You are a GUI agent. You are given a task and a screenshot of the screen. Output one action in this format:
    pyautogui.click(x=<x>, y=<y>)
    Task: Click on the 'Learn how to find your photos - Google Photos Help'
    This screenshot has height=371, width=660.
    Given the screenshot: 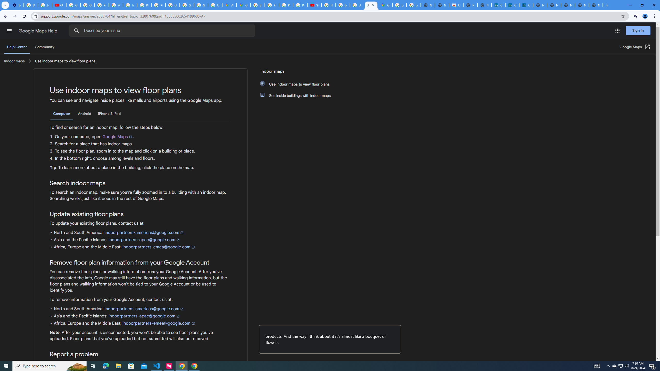 What is the action you would take?
    pyautogui.click(x=45, y=5)
    